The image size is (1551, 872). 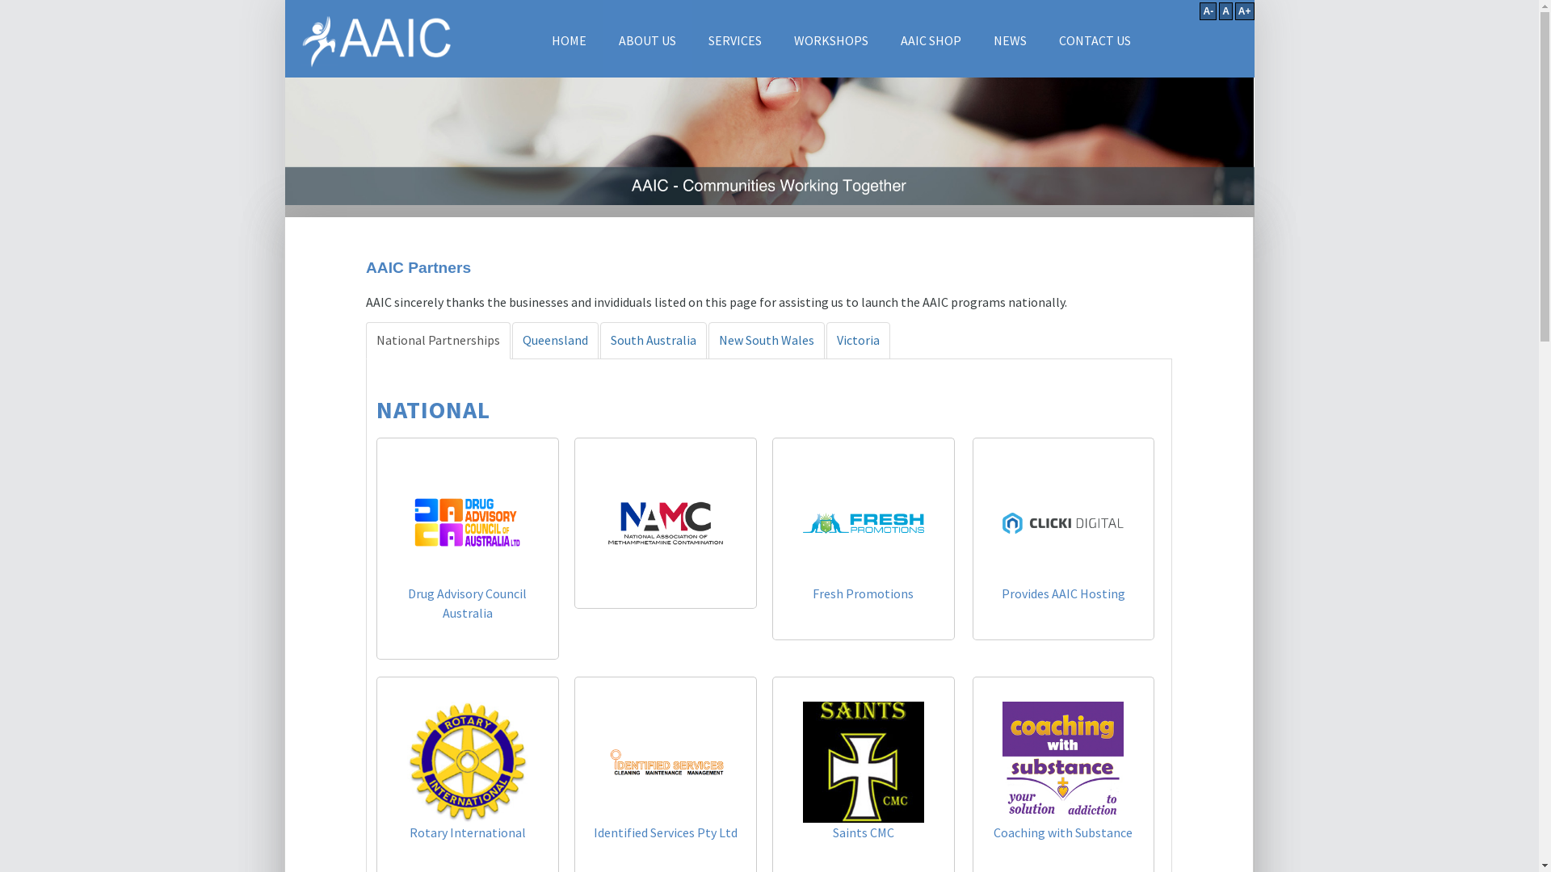 I want to click on 'ABOUT US', so click(x=609, y=40).